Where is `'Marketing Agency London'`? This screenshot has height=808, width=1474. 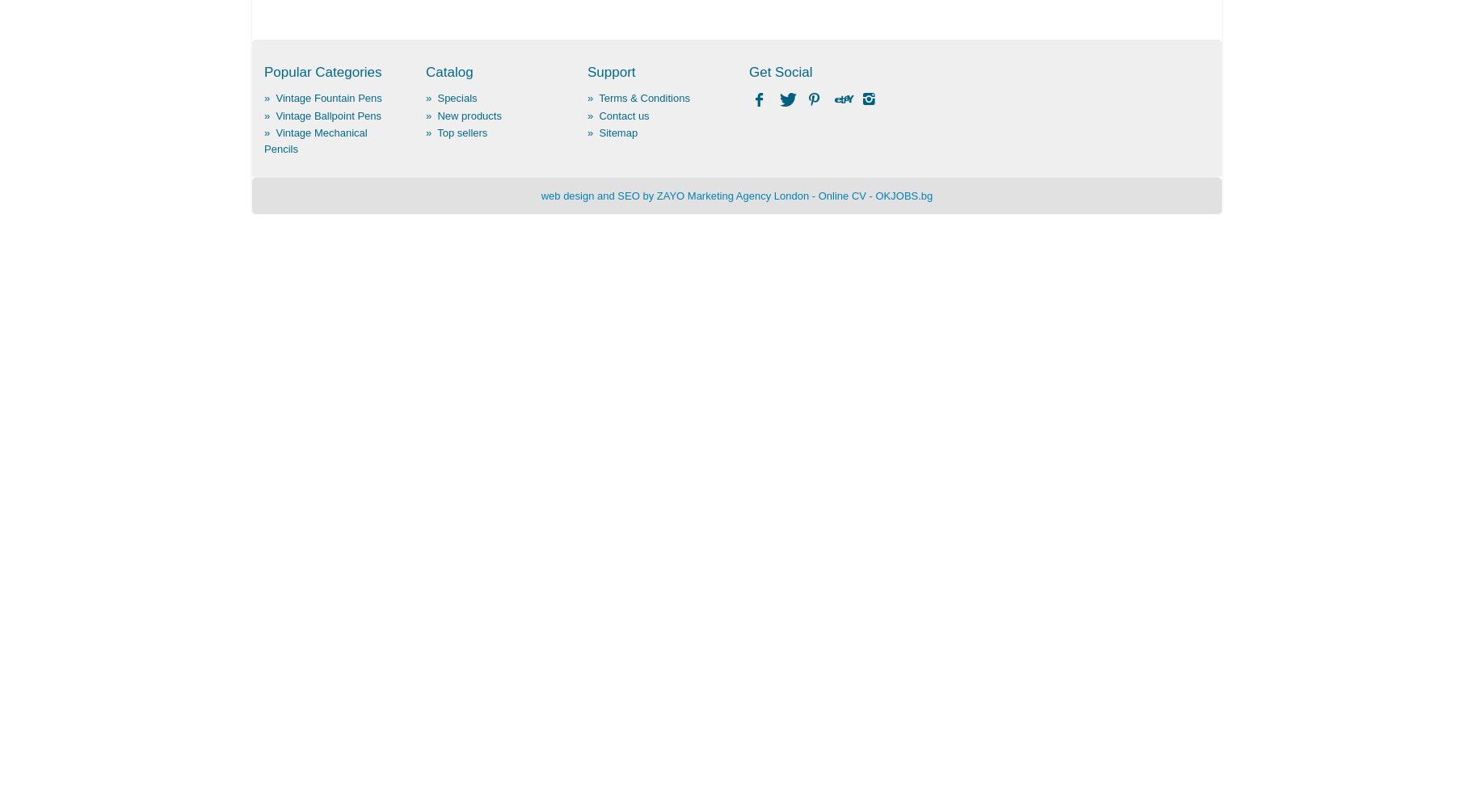 'Marketing Agency London' is located at coordinates (747, 194).